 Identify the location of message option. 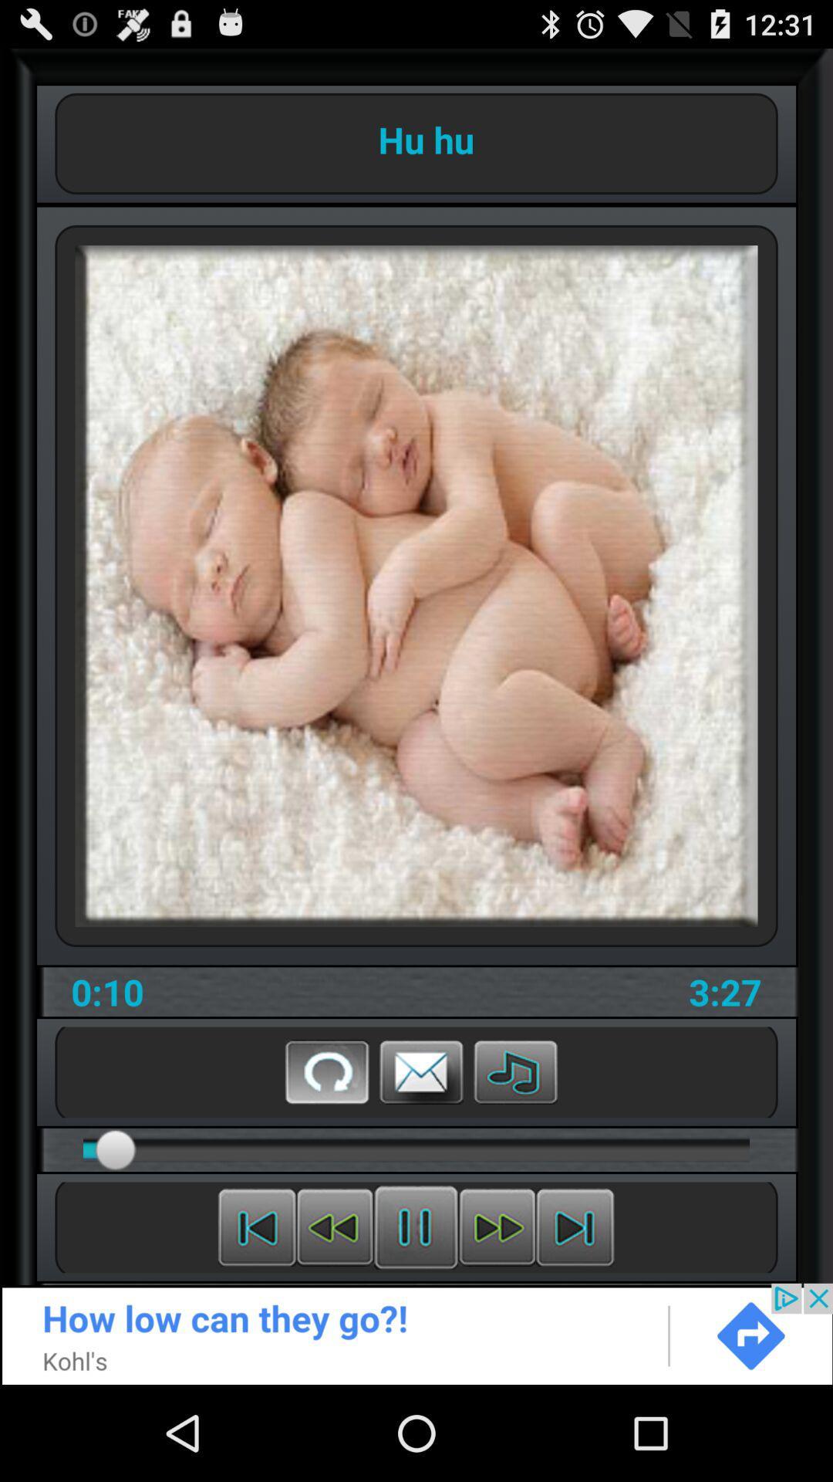
(421, 1071).